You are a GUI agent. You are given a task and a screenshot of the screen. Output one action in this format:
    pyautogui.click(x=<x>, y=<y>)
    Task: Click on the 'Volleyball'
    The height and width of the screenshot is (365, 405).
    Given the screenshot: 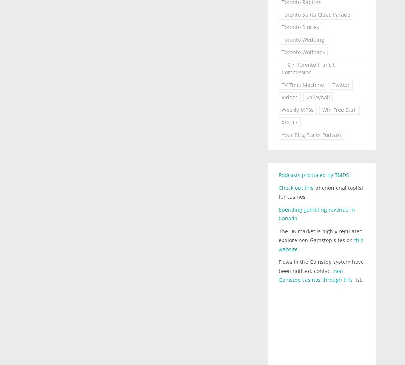 What is the action you would take?
    pyautogui.click(x=306, y=97)
    